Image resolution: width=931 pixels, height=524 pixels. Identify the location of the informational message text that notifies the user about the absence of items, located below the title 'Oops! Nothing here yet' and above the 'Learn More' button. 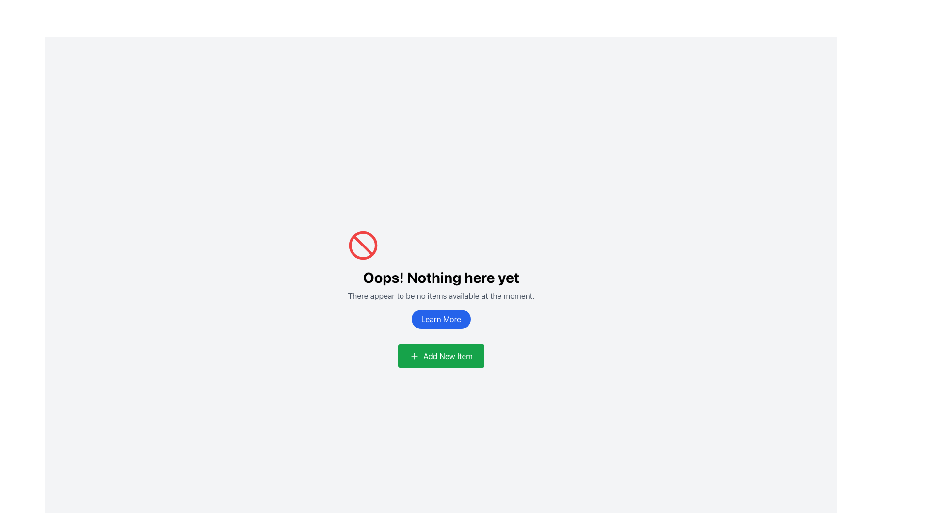
(441, 295).